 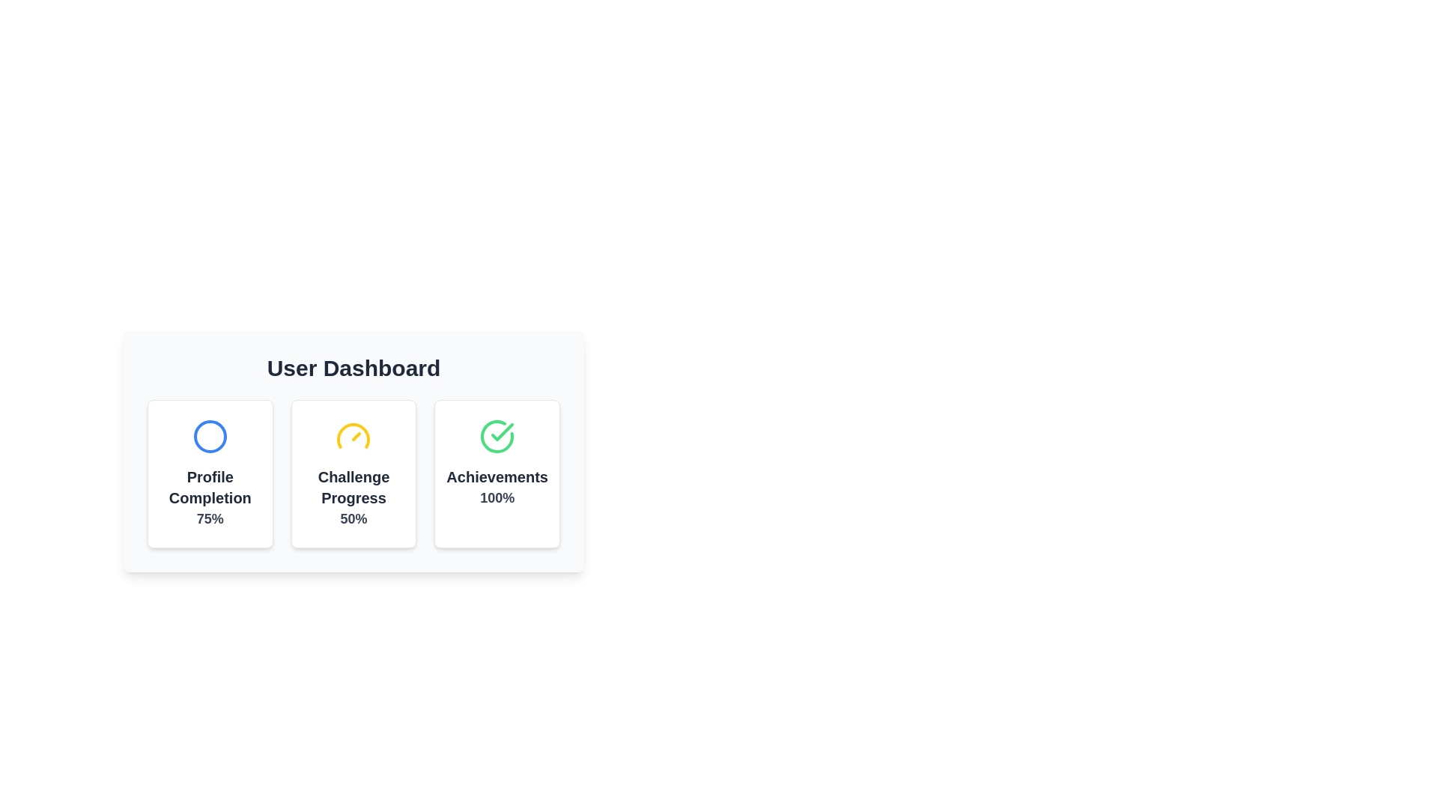 What do you see at coordinates (497, 436) in the screenshot?
I see `the completion status icon located at the top center of the 'Achievements' panel in the 'User Dashboard' interface, positioned above the text 'Achievements' and '100%'` at bounding box center [497, 436].